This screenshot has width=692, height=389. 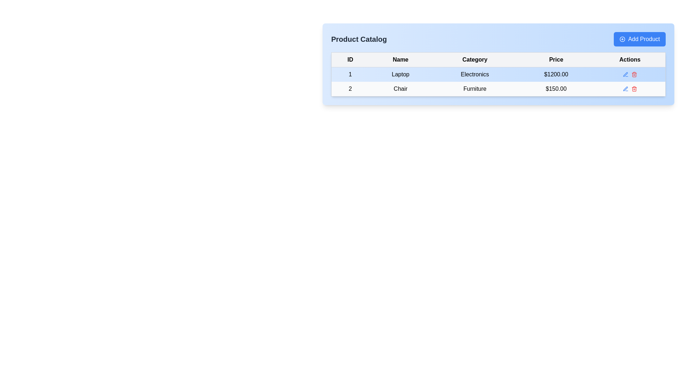 I want to click on the second row of the 'Product Catalog' table, so click(x=498, y=88).